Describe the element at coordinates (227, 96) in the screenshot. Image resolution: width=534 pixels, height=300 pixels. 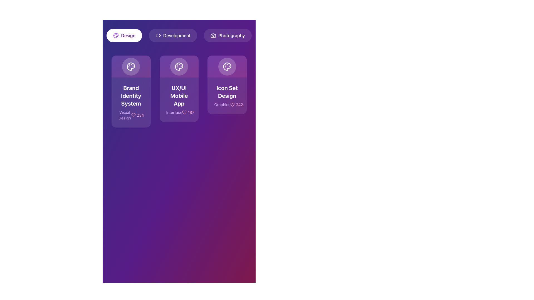
I see `to select the Card containing the text 'Icon Set Design' which is the rightmost element among three similar cards in the layout` at that location.